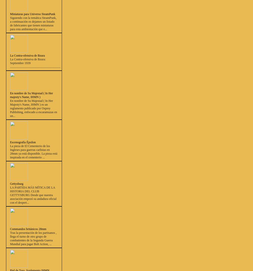 This screenshot has height=271, width=253. What do you see at coordinates (33, 195) in the screenshot?
I see `'LA PARTIDA MÁS MÍTICA DE LA HISTORIA DEL CLUB GETTYSBURG Desde que nuestra asociación empezó su andadura oficial con el despert...'` at bounding box center [33, 195].